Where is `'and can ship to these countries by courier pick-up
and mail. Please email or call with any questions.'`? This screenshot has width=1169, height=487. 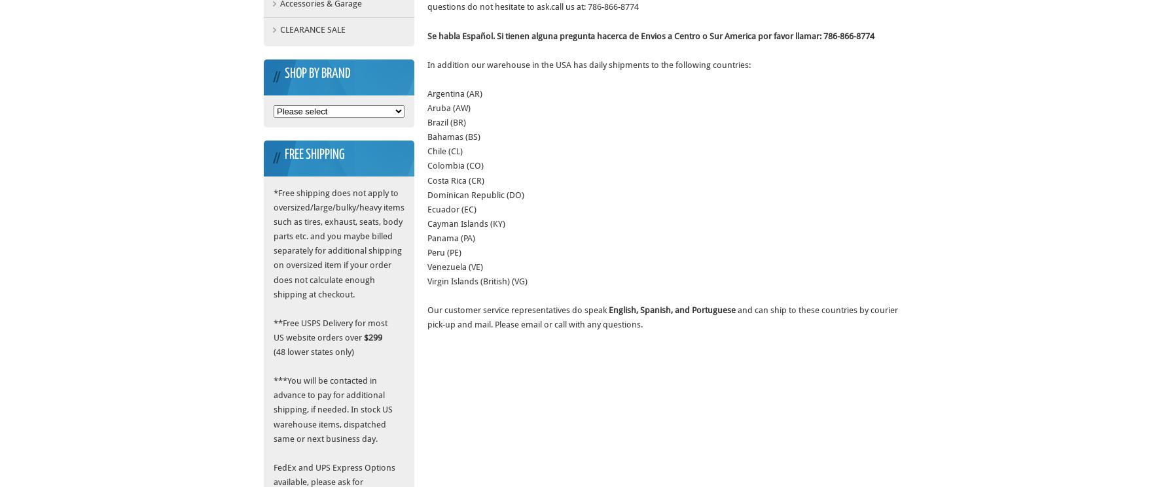 'and can ship to these countries by courier pick-up
and mail. Please email or call with any questions.' is located at coordinates (662, 317).